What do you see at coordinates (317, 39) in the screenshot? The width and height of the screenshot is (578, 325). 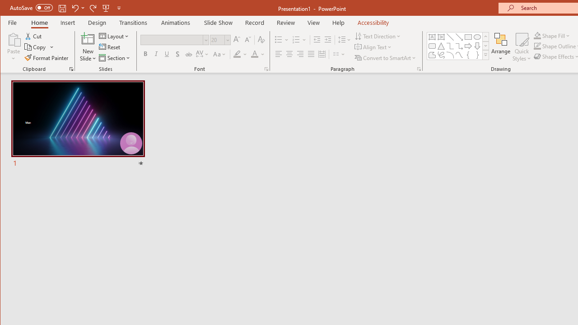 I see `'Decrease Indent'` at bounding box center [317, 39].